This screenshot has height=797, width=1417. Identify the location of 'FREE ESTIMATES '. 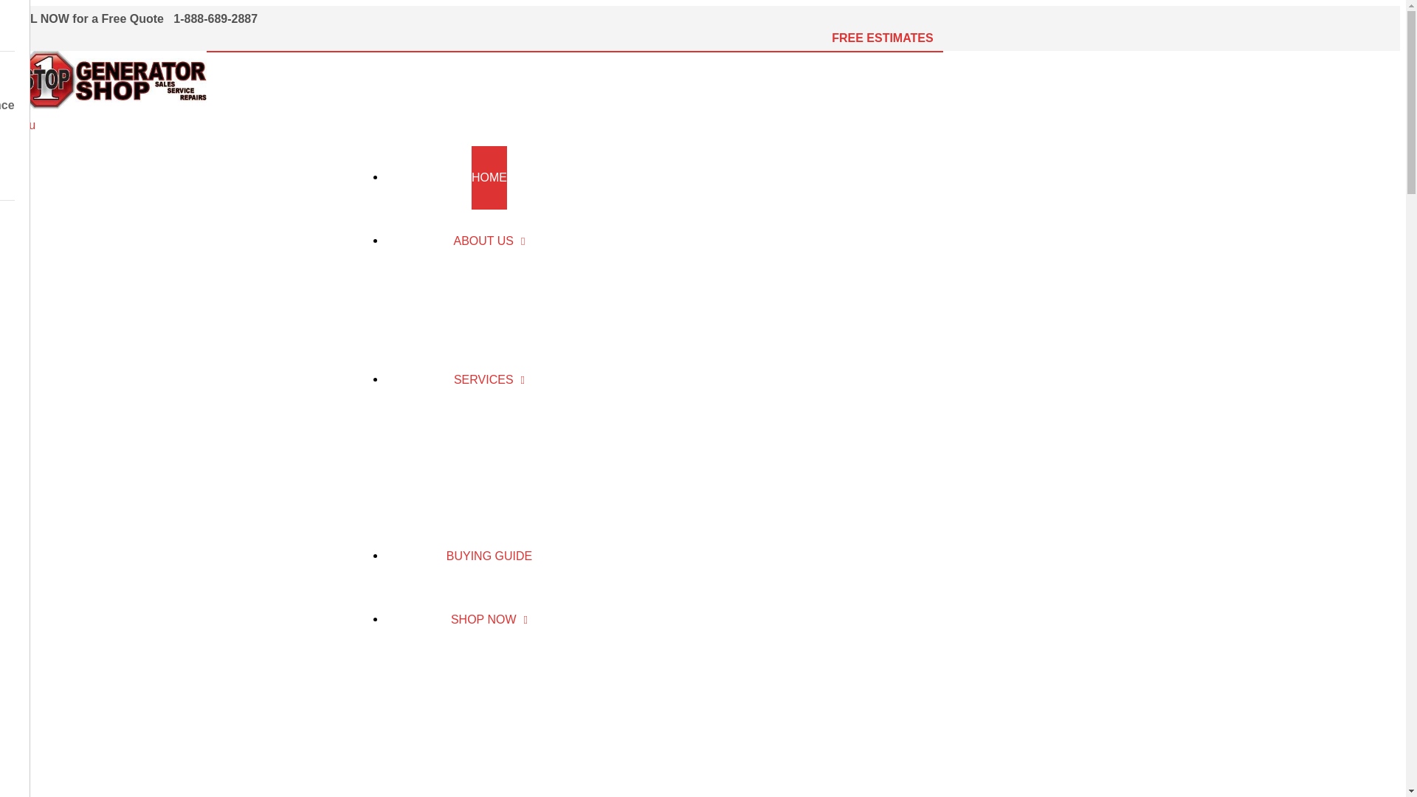
(884, 37).